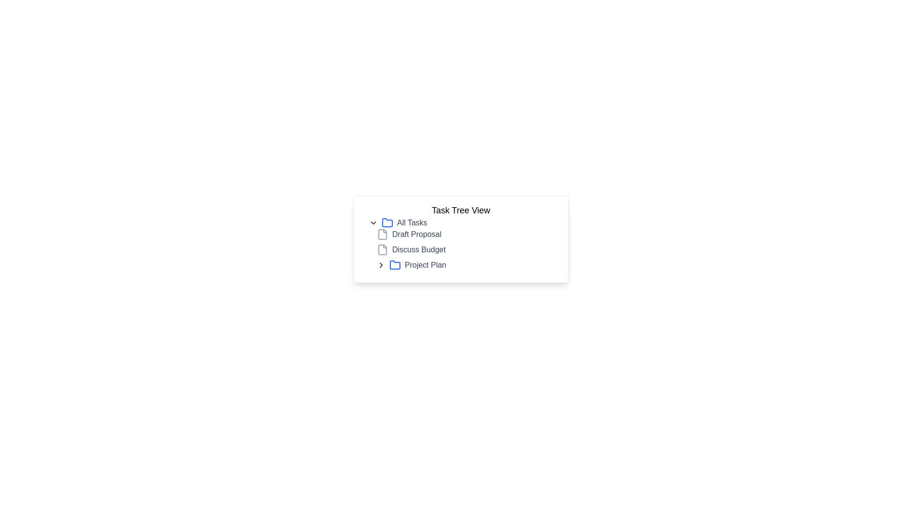 This screenshot has height=519, width=923. Describe the element at coordinates (395, 265) in the screenshot. I see `the blue folder icon representing the task in the task hierarchy view, located next to the label 'Project Plan'` at that location.